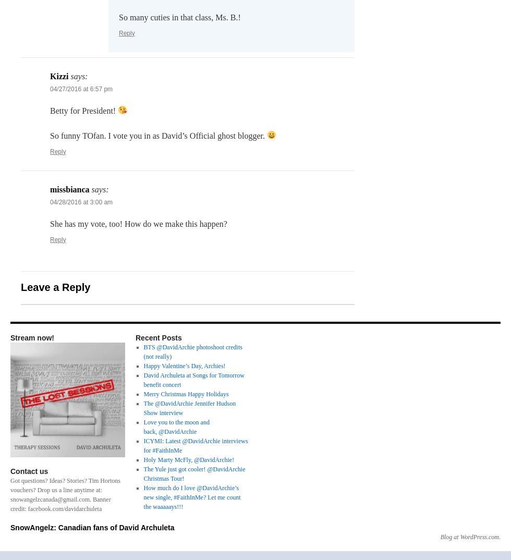 The image size is (511, 560). I want to click on 'The @DavidArchie Jennifer Hudson Show interview', so click(189, 407).